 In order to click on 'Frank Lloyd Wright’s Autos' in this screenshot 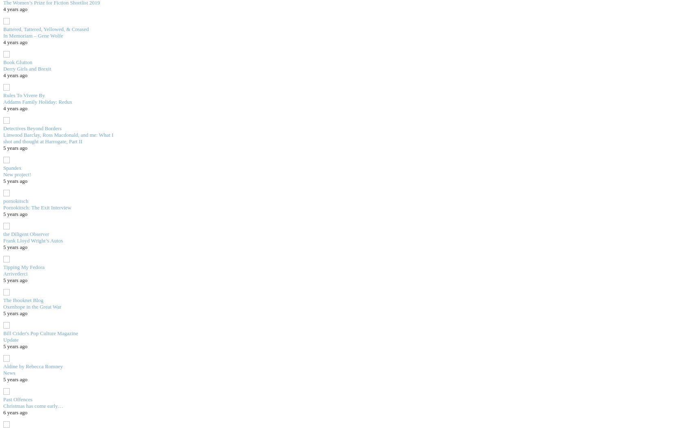, I will do `click(32, 240)`.